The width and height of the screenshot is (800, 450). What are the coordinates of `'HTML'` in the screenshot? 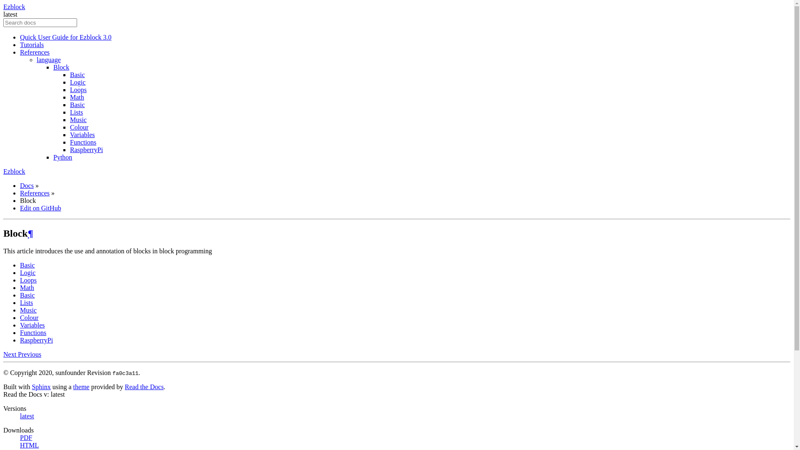 It's located at (29, 445).